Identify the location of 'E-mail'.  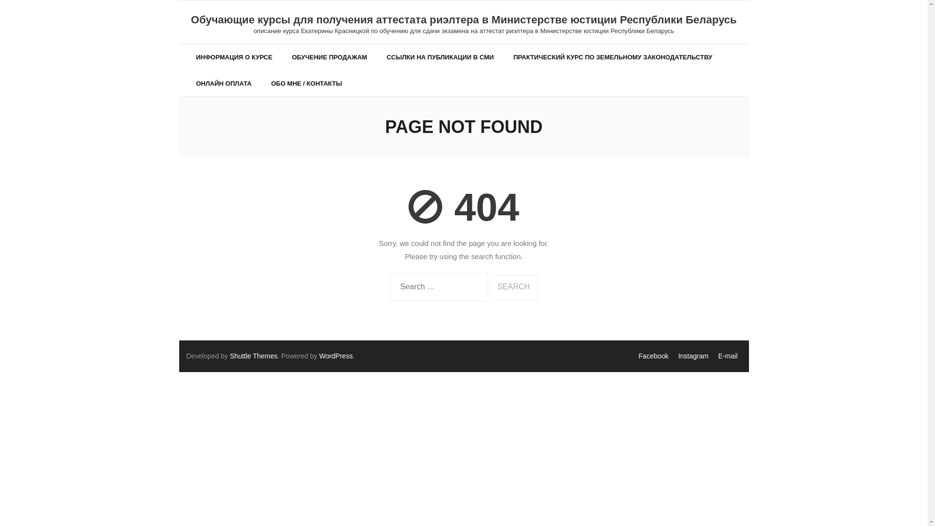
(728, 356).